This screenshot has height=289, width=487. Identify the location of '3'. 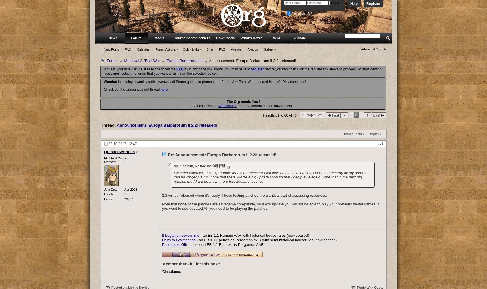
(360, 115).